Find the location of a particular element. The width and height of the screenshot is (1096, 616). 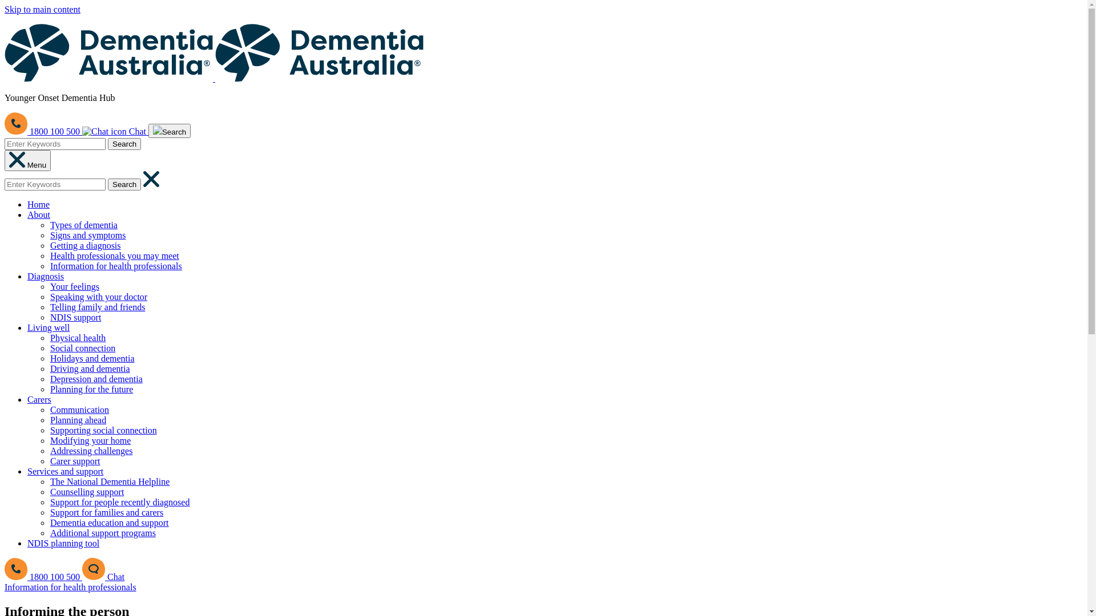

'Depression and dementia' is located at coordinates (96, 379).